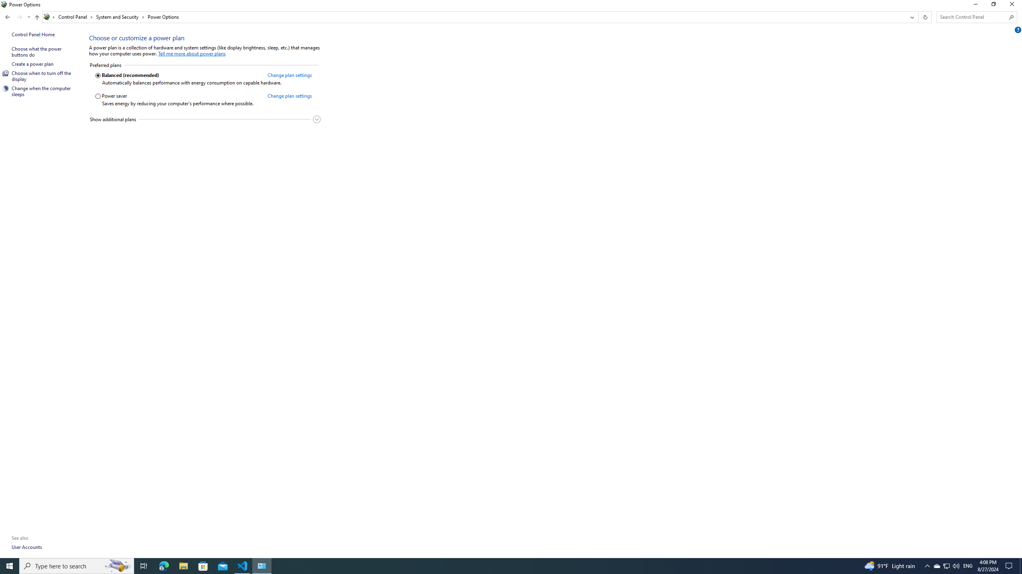 This screenshot has width=1022, height=574. I want to click on 'Restore', so click(993, 6).